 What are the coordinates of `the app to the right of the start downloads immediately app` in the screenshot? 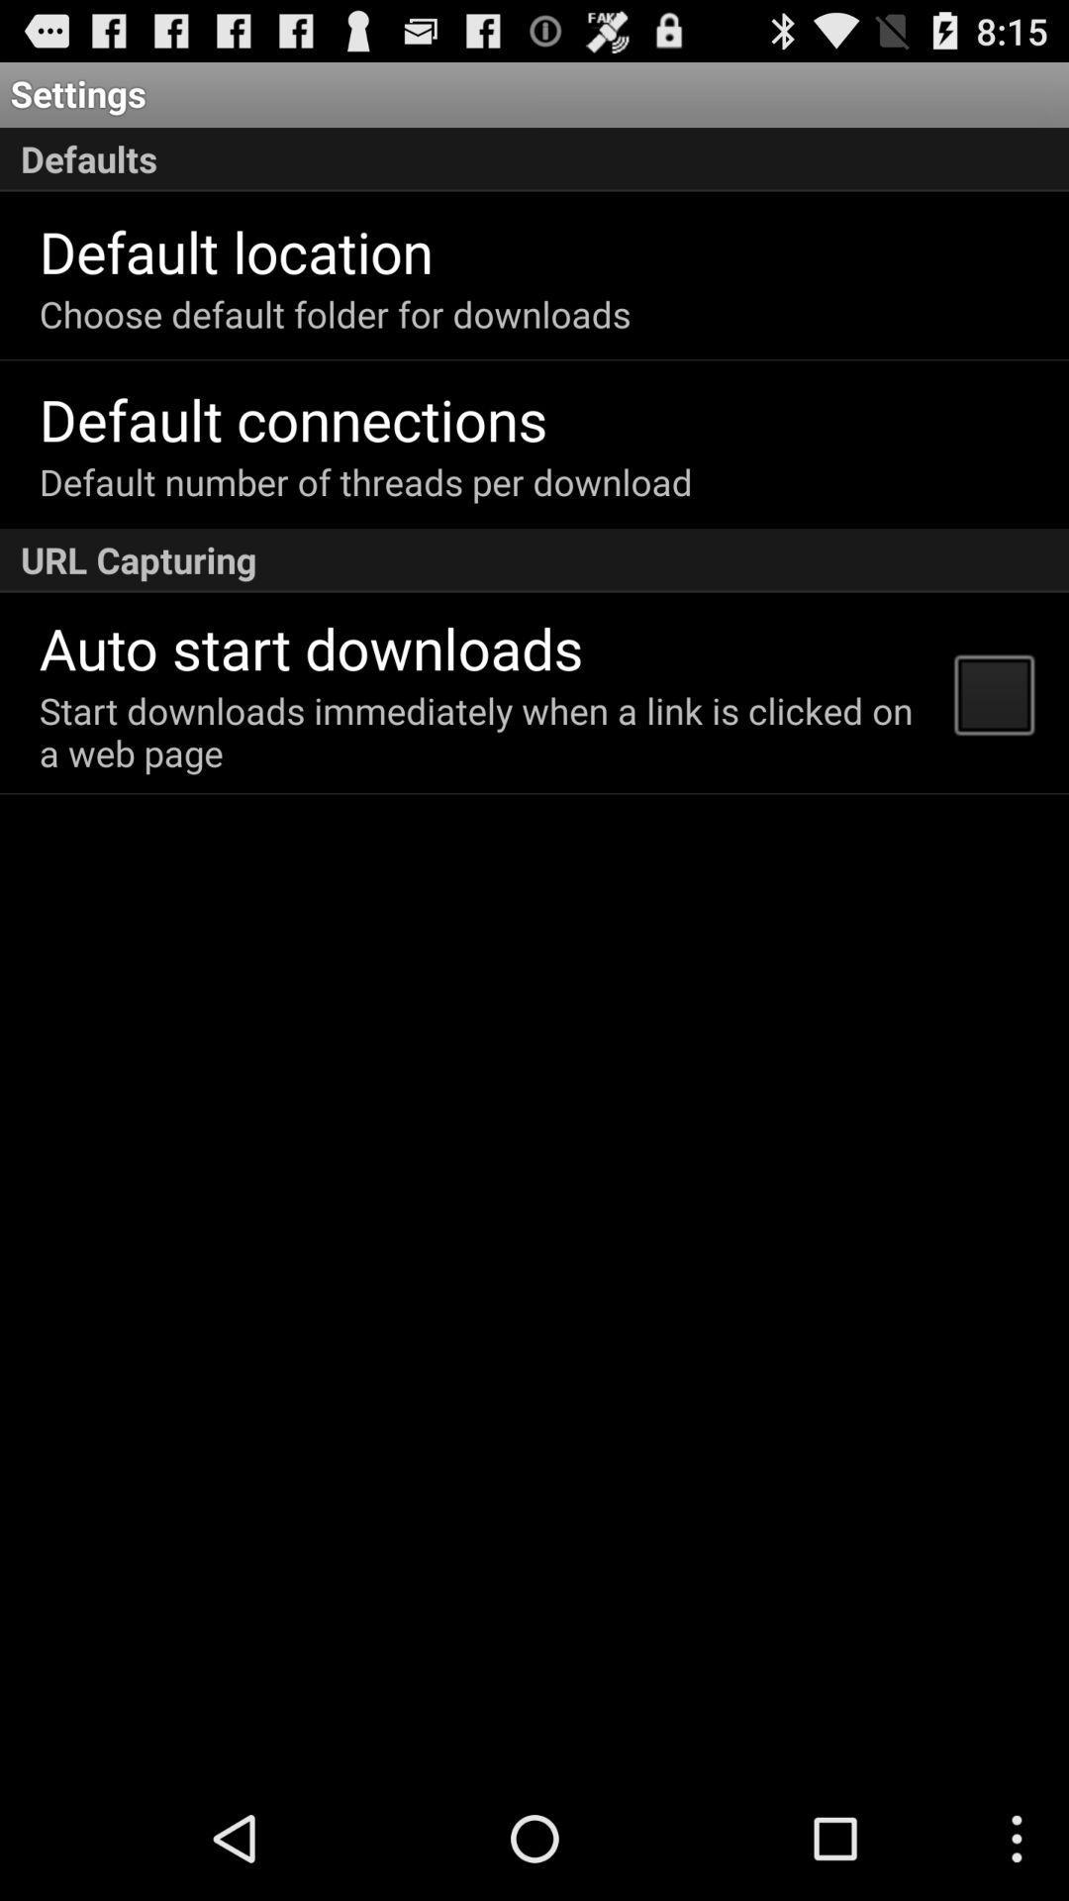 It's located at (993, 693).